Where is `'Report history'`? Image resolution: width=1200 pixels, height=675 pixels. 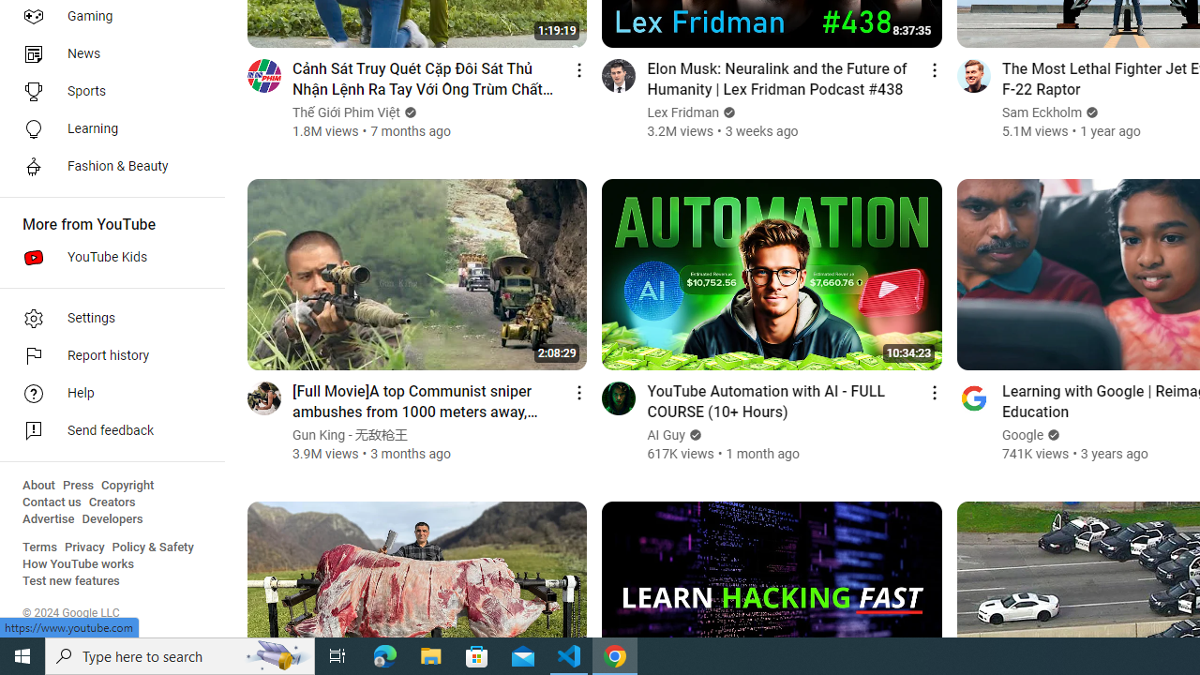
'Report history' is located at coordinates (105, 356).